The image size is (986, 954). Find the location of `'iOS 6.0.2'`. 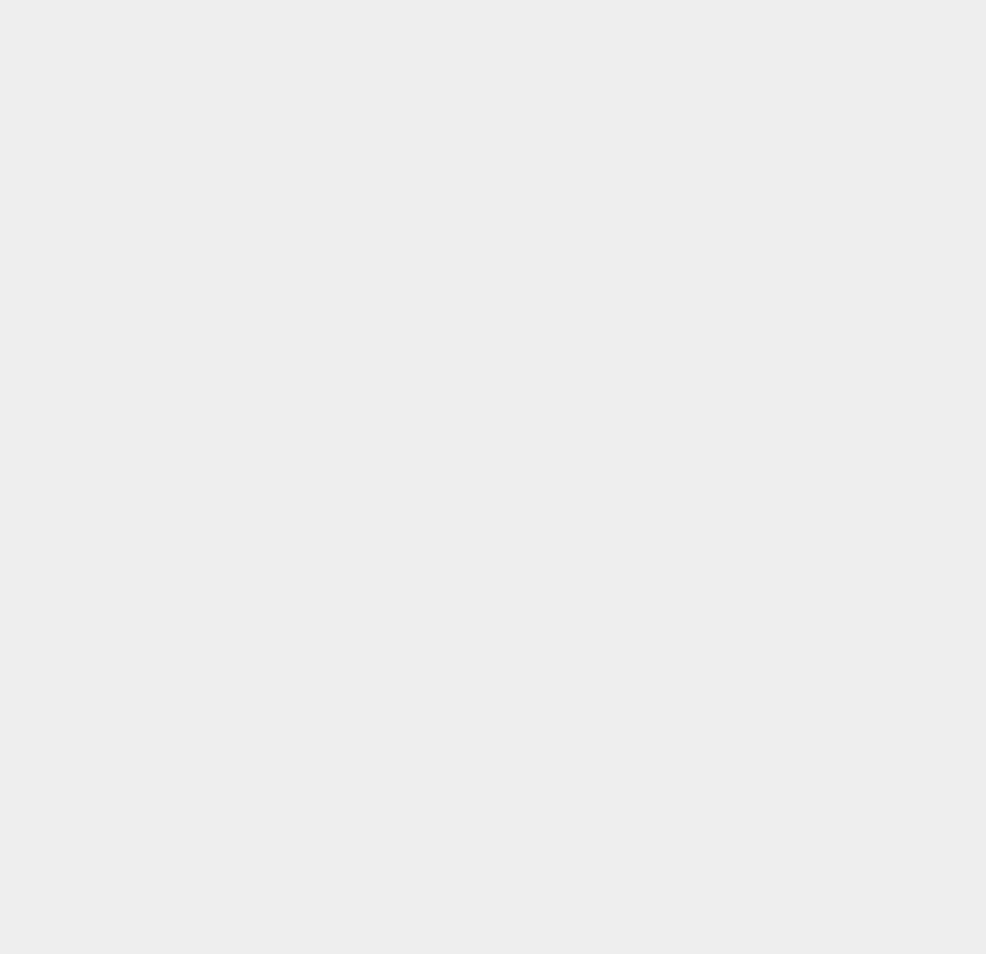

'iOS 6.0.2' is located at coordinates (722, 115).